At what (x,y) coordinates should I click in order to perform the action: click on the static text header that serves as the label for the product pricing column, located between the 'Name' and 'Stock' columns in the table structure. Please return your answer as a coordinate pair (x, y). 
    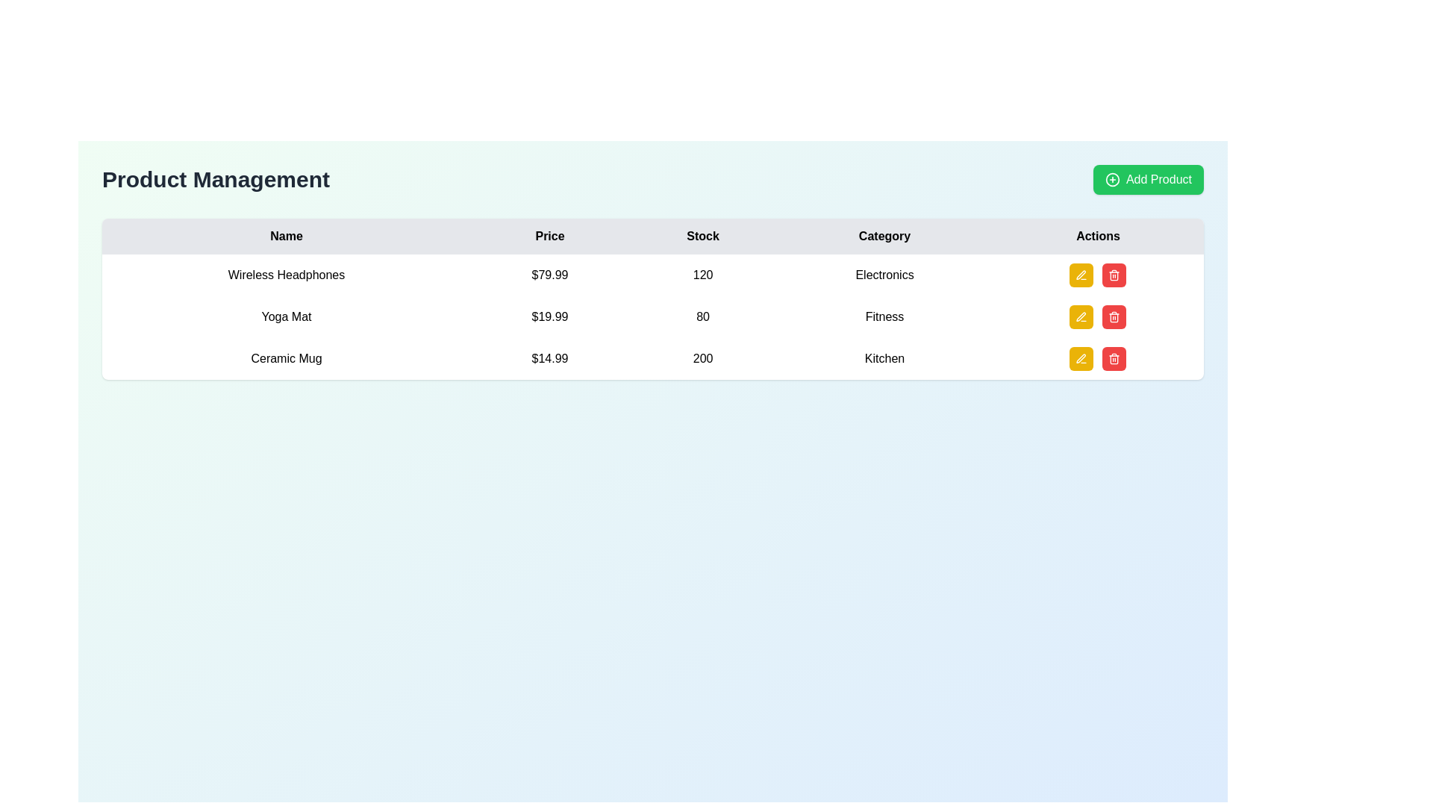
    Looking at the image, I should click on (549, 235).